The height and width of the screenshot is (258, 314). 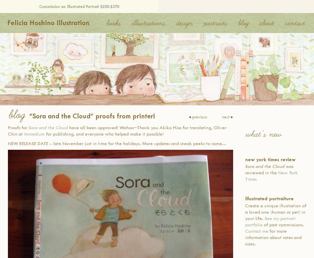 What do you see at coordinates (270, 159) in the screenshot?
I see `'New York Times Review'` at bounding box center [270, 159].